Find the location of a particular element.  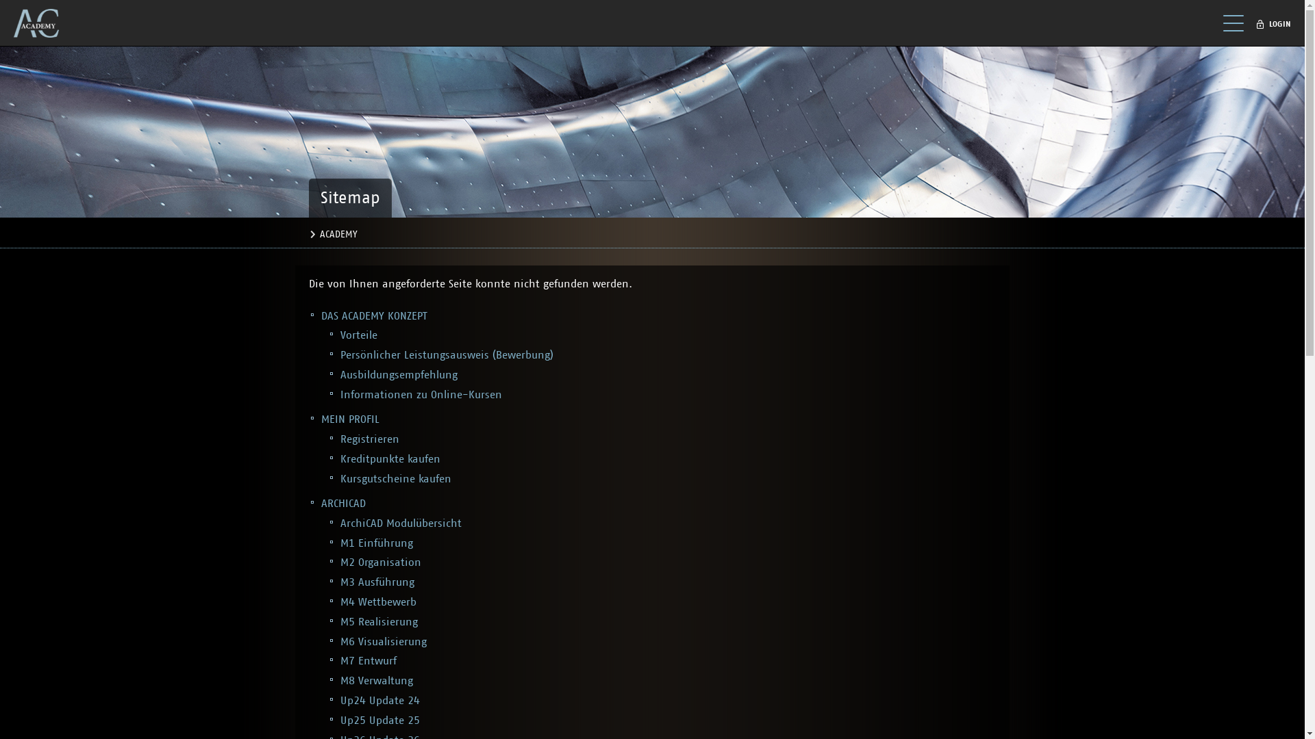

'Vorteile' is located at coordinates (358, 335).